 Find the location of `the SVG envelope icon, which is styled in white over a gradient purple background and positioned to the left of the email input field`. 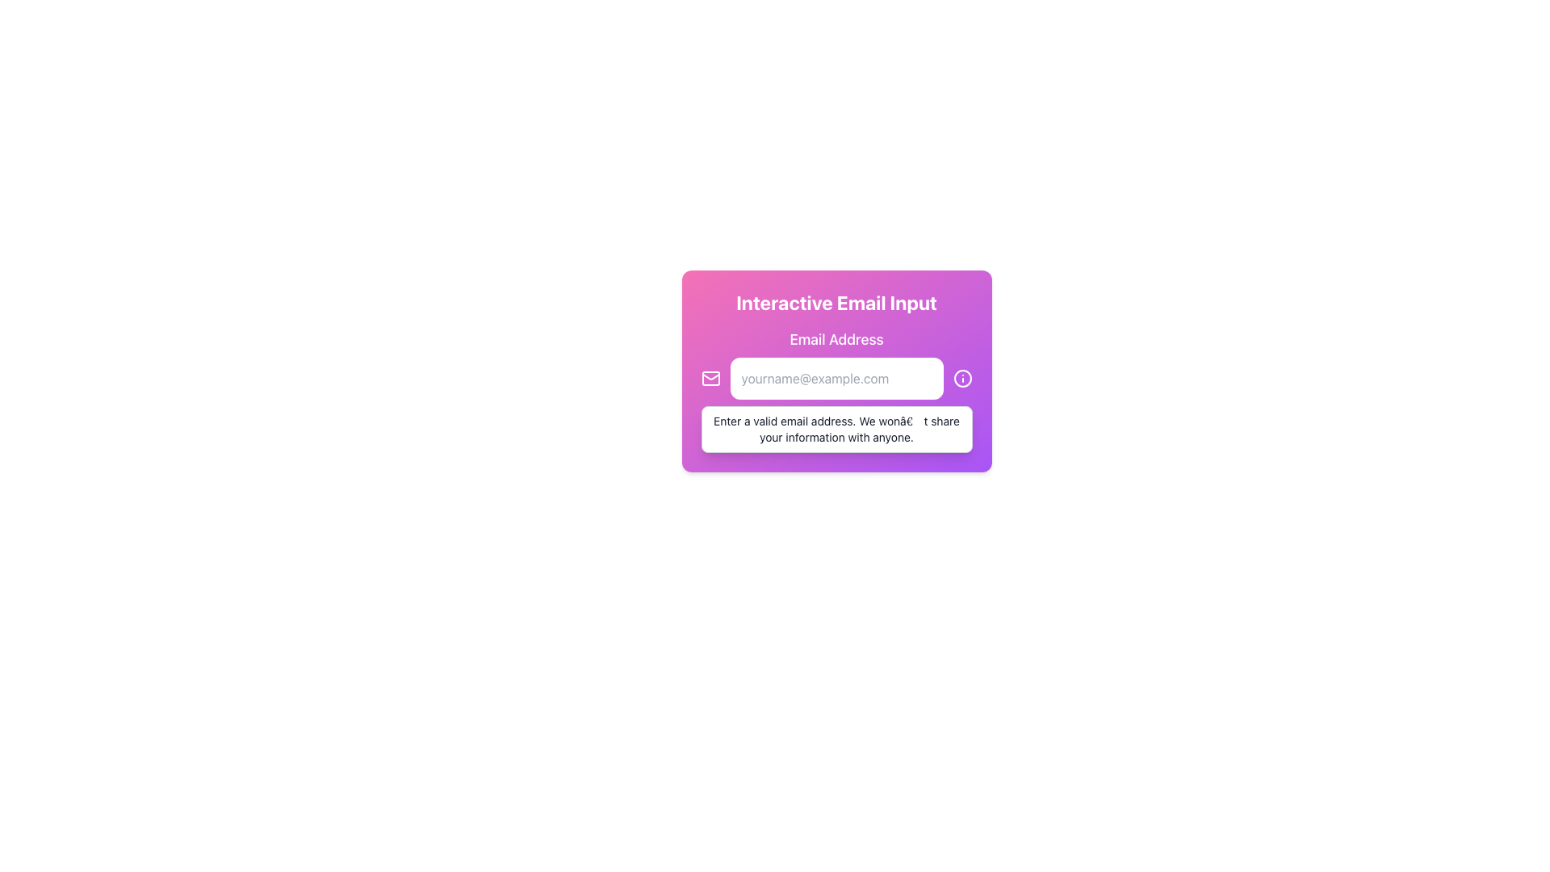

the SVG envelope icon, which is styled in white over a gradient purple background and positioned to the left of the email input field is located at coordinates (710, 379).